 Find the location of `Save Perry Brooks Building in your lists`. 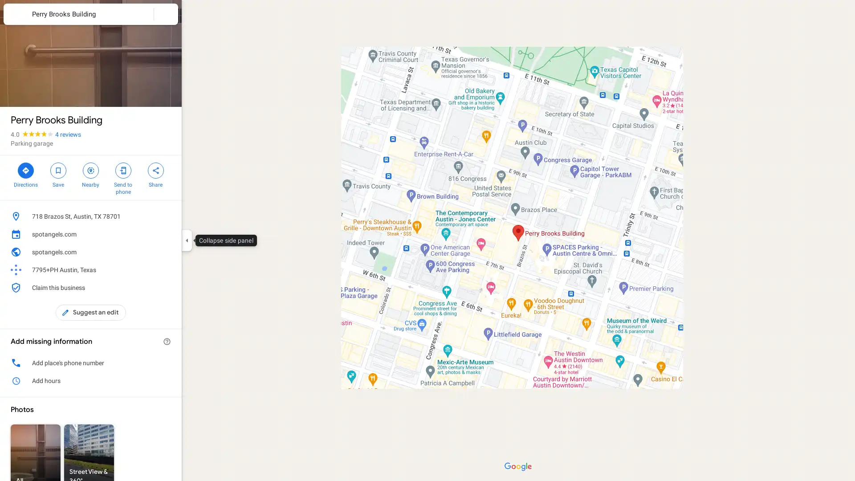

Save Perry Brooks Building in your lists is located at coordinates (57, 174).